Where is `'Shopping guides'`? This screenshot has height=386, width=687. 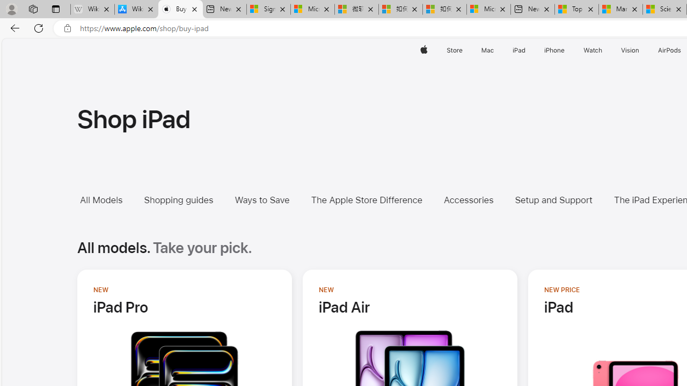 'Shopping guides' is located at coordinates (186, 200).